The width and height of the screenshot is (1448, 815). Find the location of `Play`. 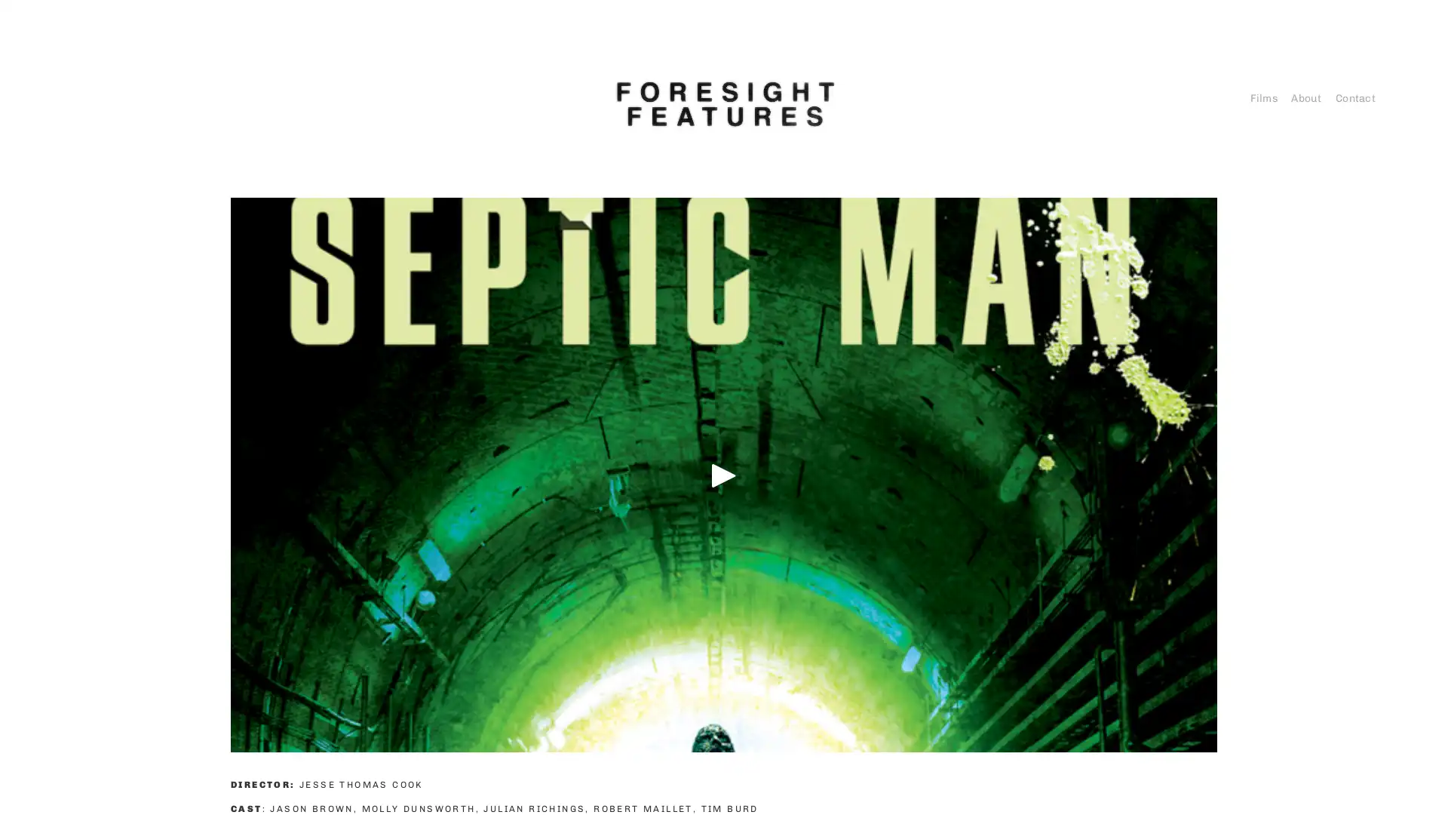

Play is located at coordinates (724, 473).